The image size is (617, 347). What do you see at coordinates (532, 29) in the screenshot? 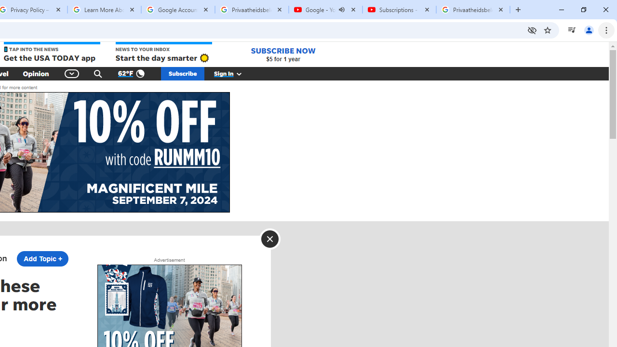
I see `'Third-party cookies blocked'` at bounding box center [532, 29].